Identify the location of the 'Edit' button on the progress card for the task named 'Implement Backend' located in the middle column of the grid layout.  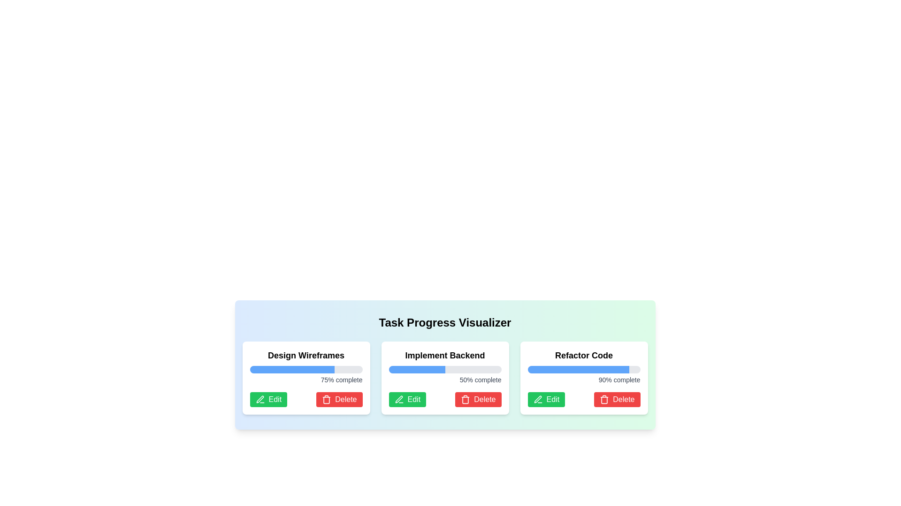
(444, 377).